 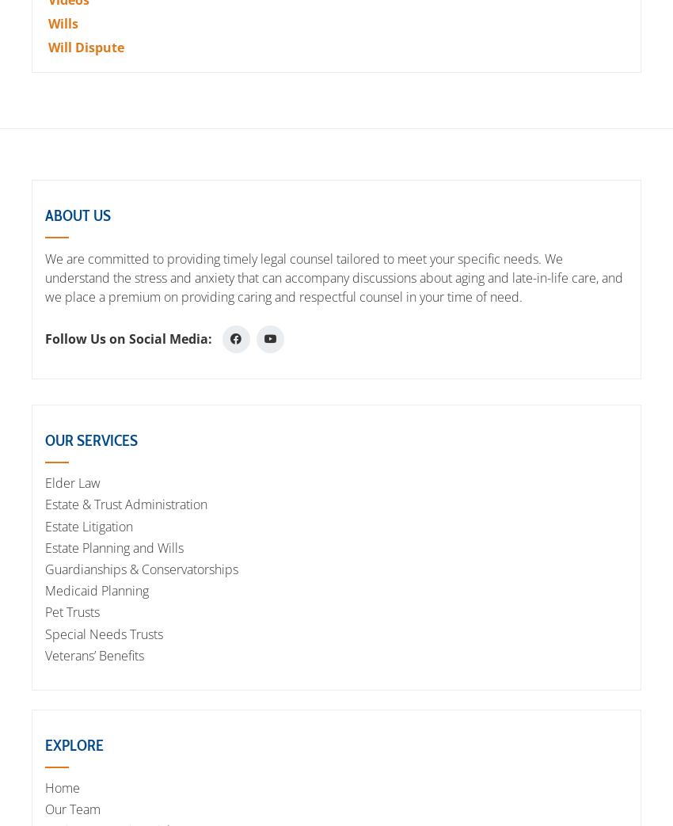 I want to click on 'Estate & Trust Administration', so click(x=45, y=503).